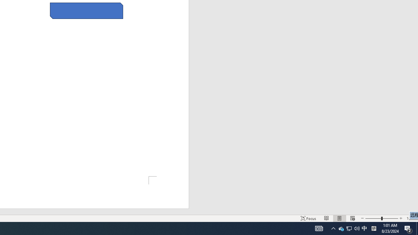 This screenshot has width=418, height=235. I want to click on 'Zoom 104%', so click(410, 218).